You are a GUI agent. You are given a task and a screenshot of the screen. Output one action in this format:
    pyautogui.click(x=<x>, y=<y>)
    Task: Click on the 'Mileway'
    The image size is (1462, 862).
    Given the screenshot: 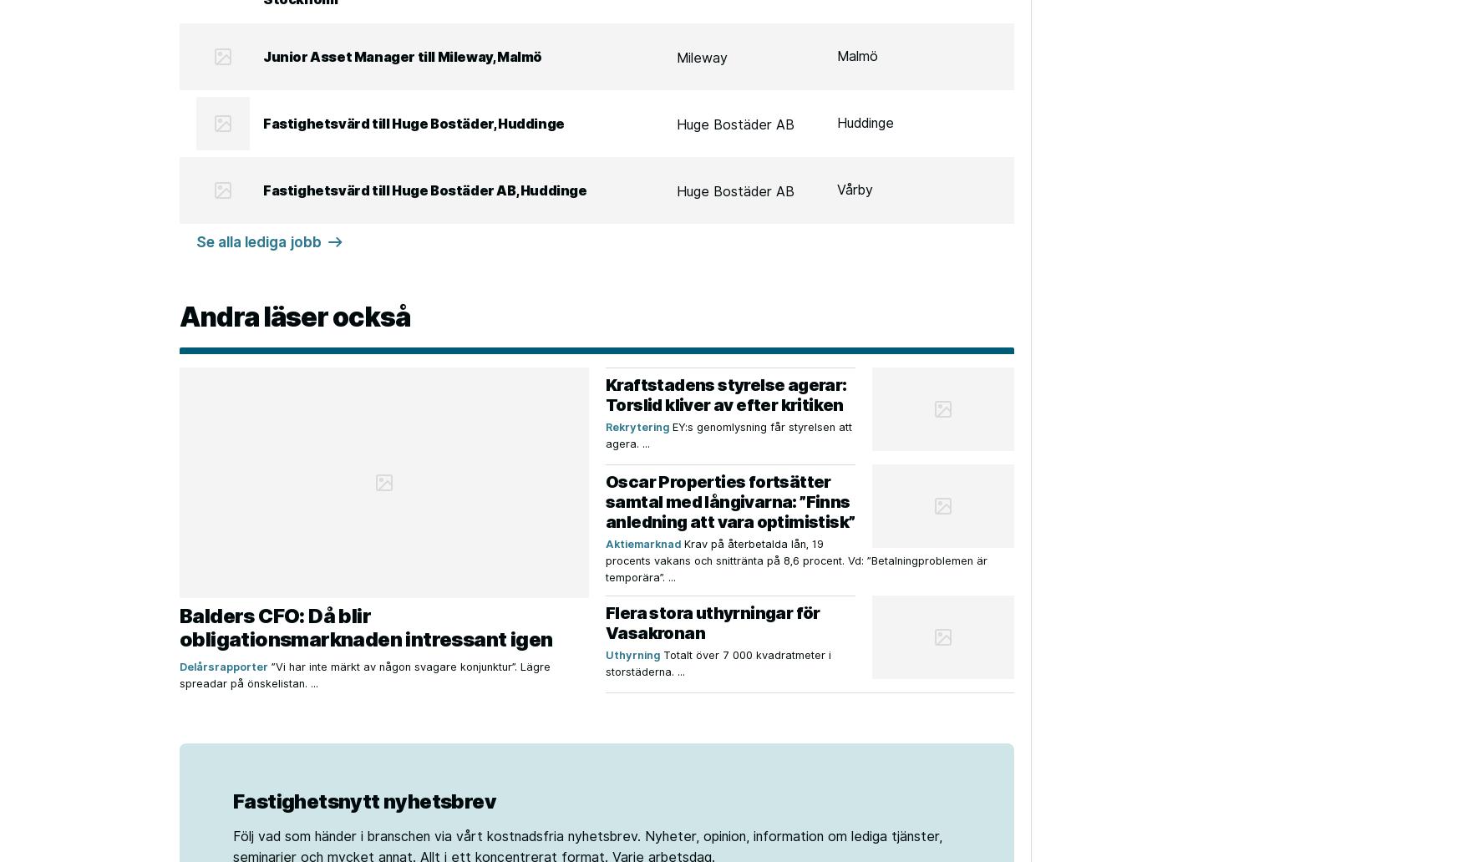 What is the action you would take?
    pyautogui.click(x=702, y=57)
    